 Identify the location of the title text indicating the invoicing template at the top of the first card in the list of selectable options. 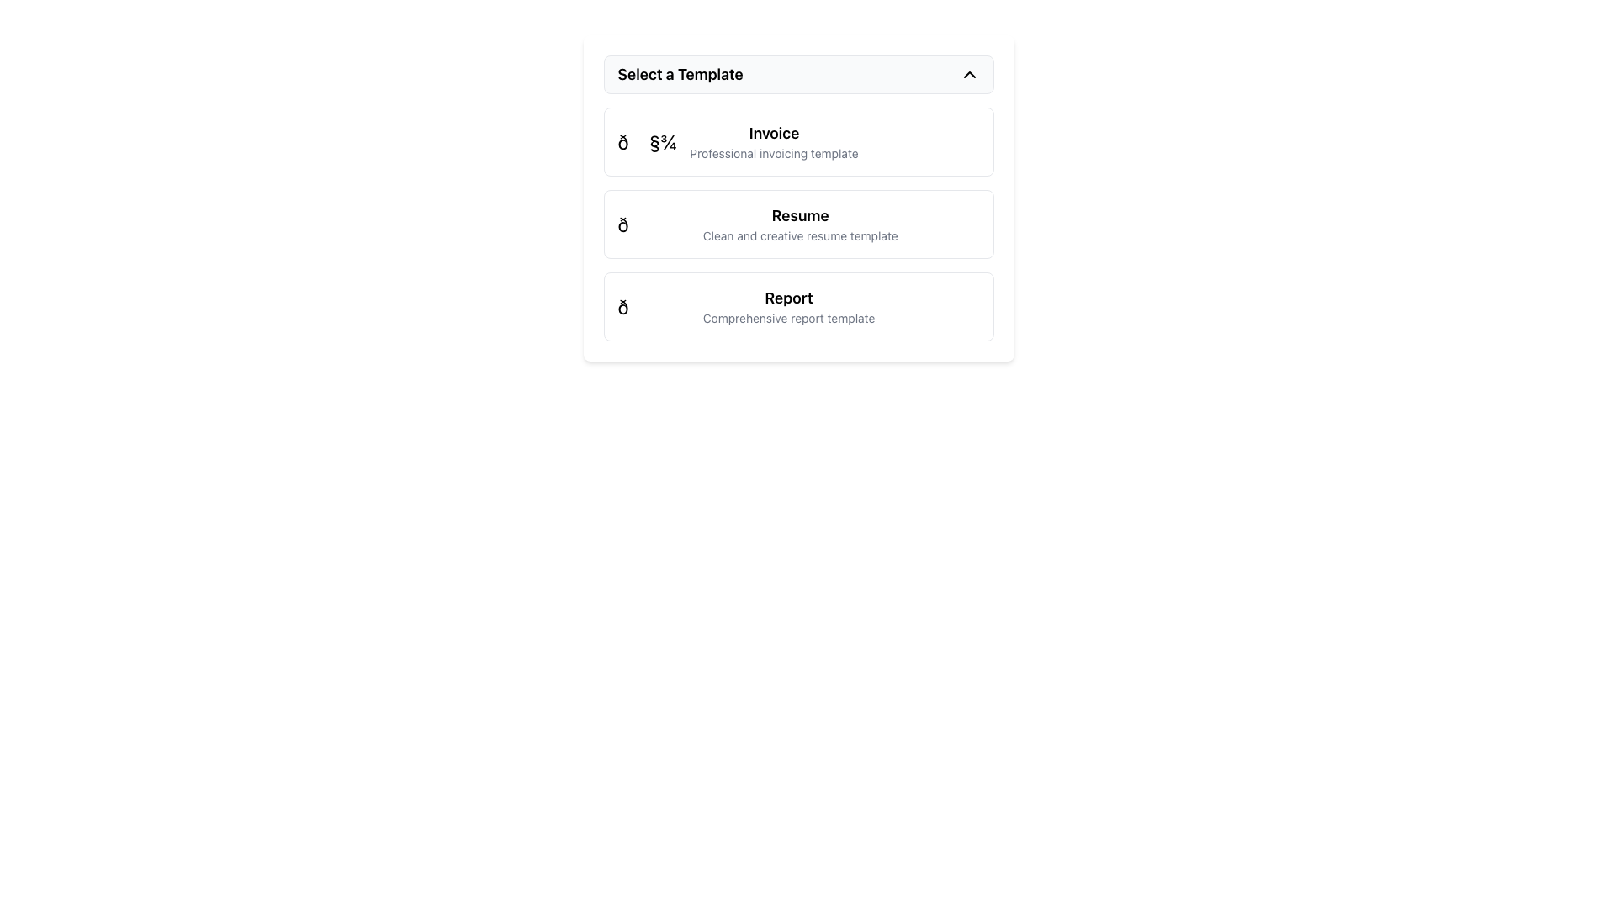
(773, 132).